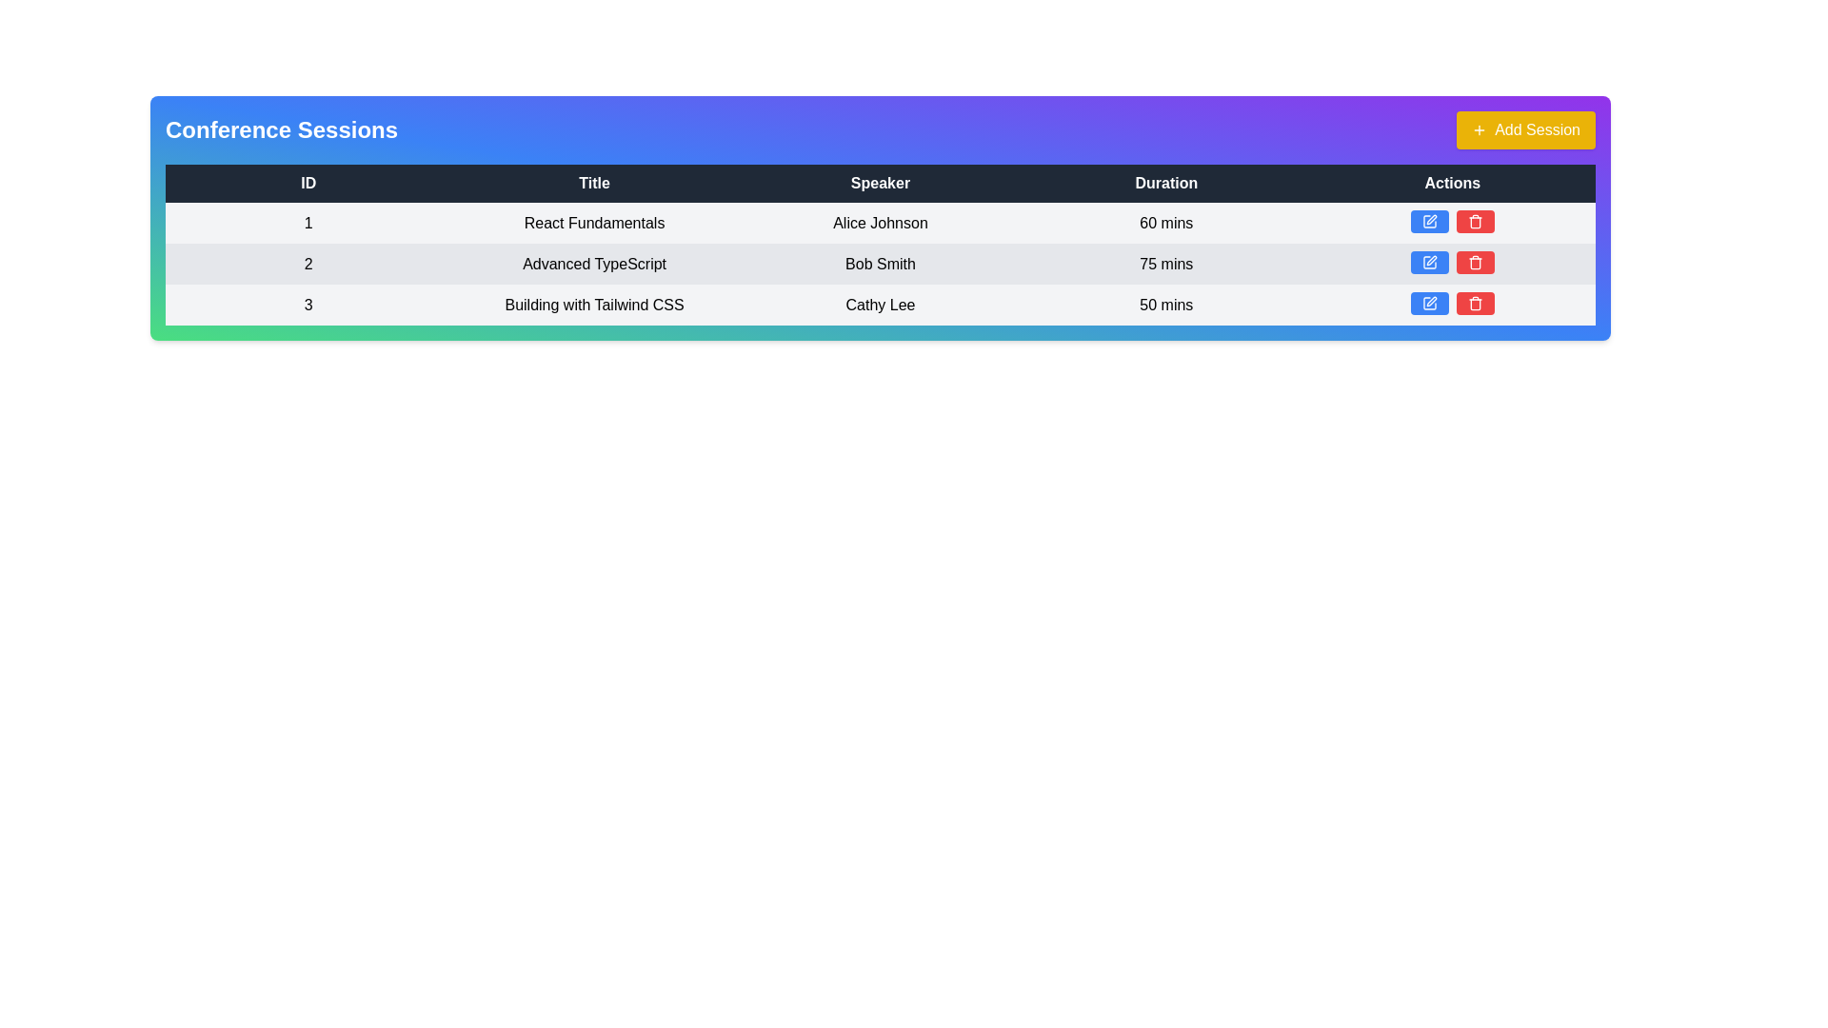  I want to click on the static text field displaying 'Alice Johnson', which is located in the third column of the first row under the 'Speaker' header in the table, so click(880, 222).